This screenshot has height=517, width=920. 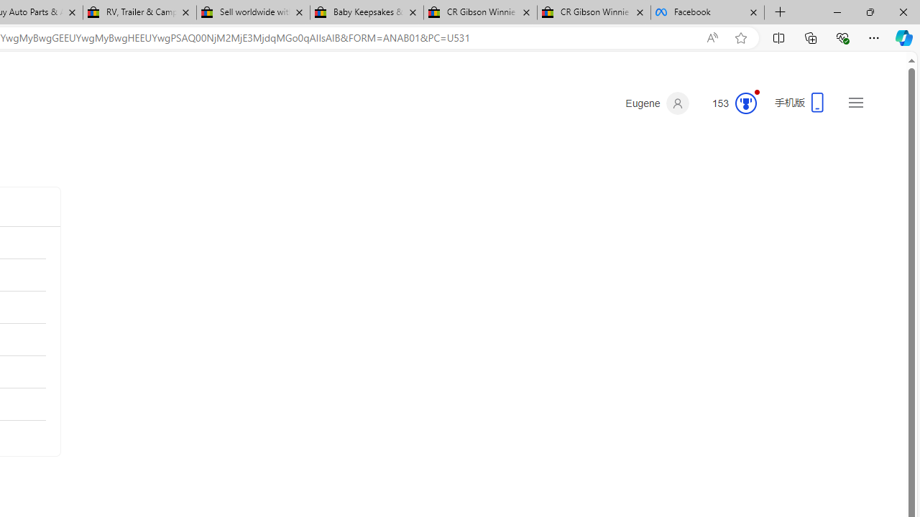 I want to click on 'Collections', so click(x=811, y=37).